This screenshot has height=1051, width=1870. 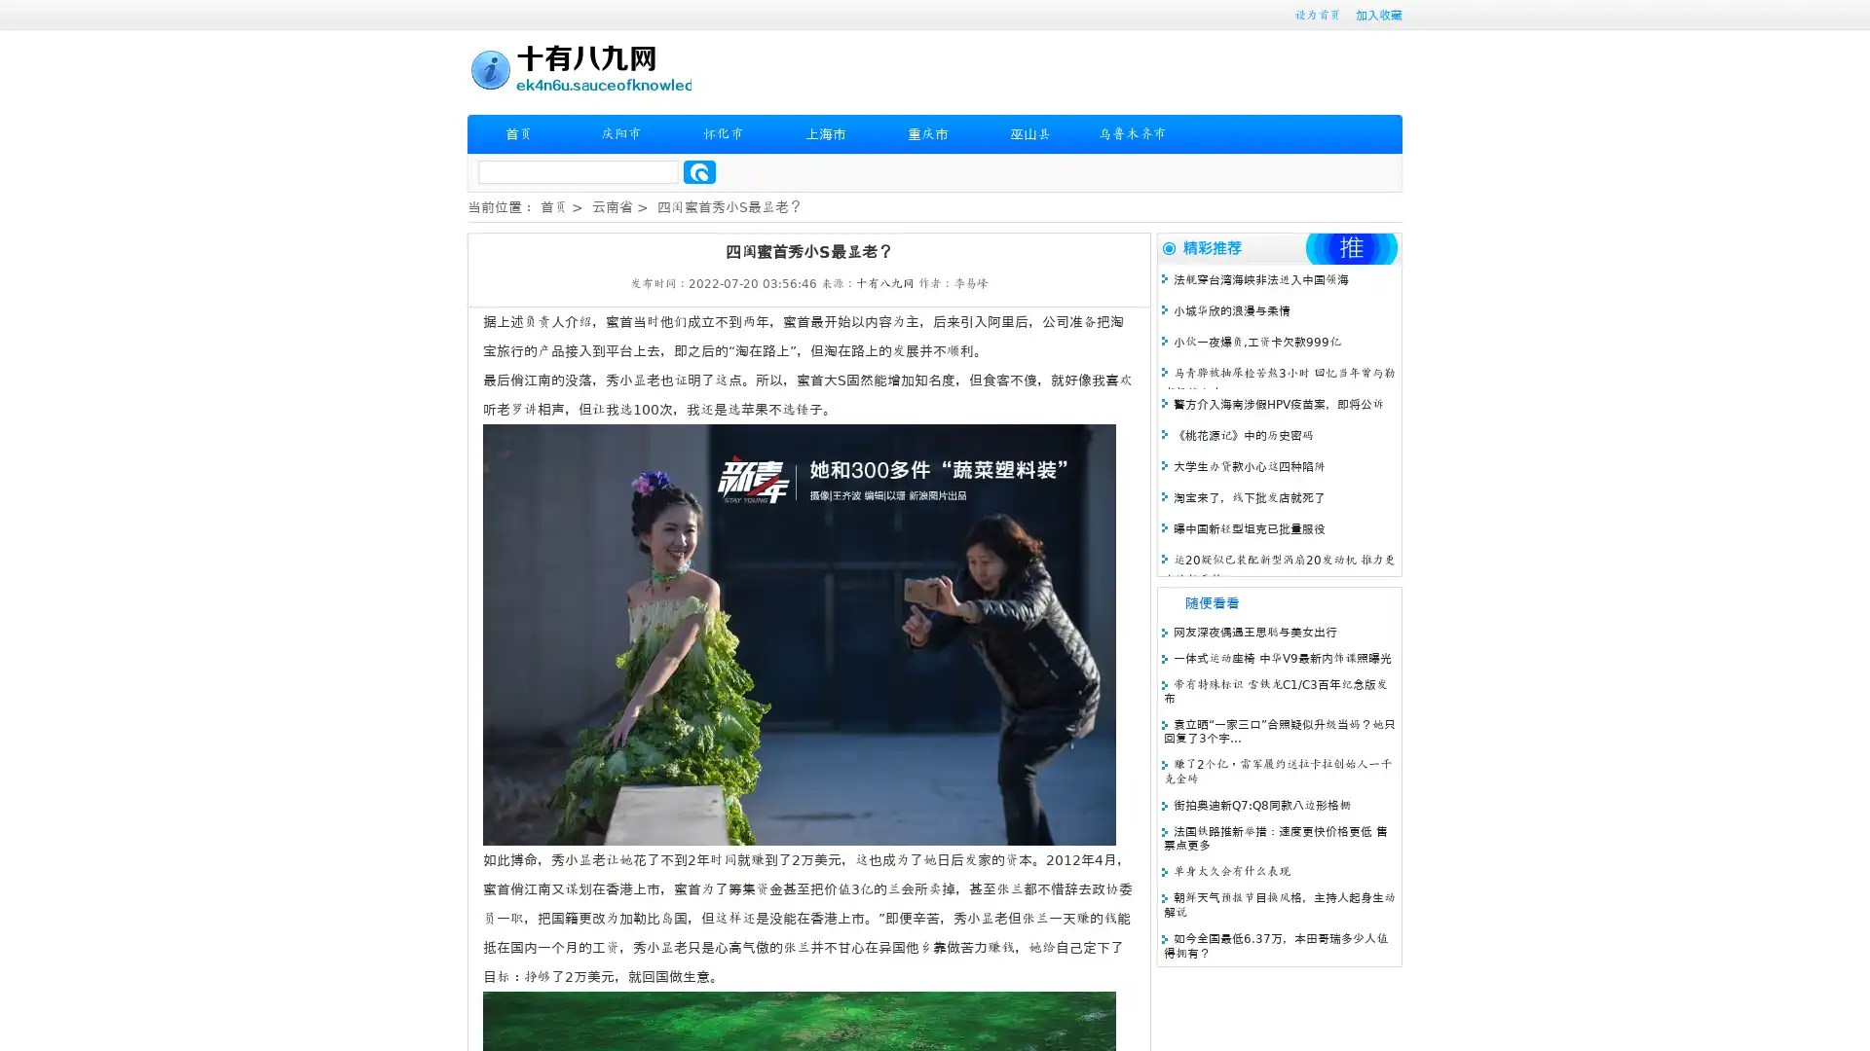 What do you see at coordinates (699, 171) in the screenshot?
I see `Search` at bounding box center [699, 171].